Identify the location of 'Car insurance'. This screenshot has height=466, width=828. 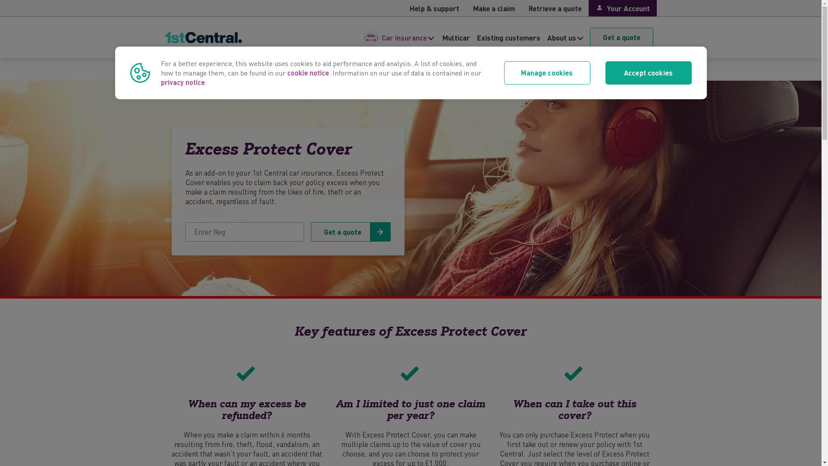
(403, 37).